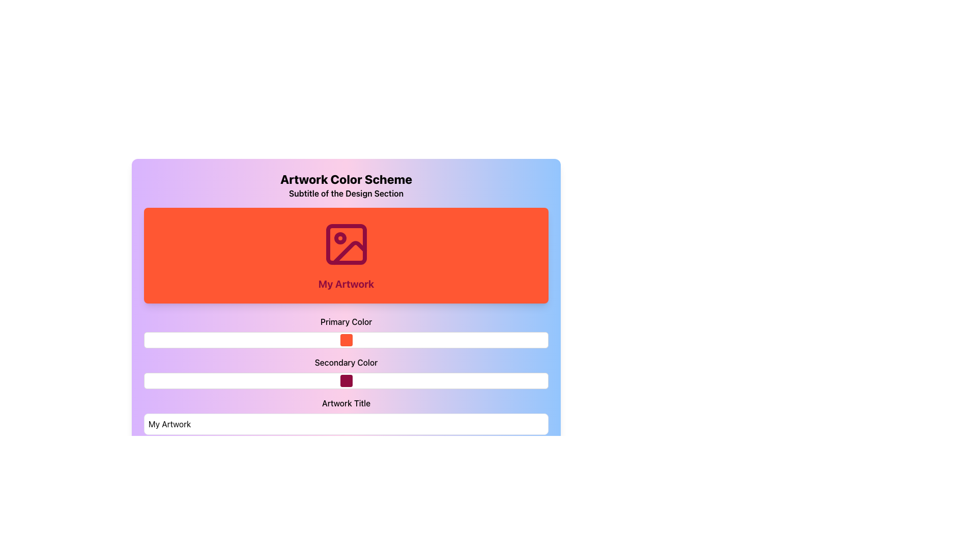 Image resolution: width=977 pixels, height=550 pixels. I want to click on the orange color display block located in the 'Primary Color' row below the 'My Artwork' header, so click(346, 340).